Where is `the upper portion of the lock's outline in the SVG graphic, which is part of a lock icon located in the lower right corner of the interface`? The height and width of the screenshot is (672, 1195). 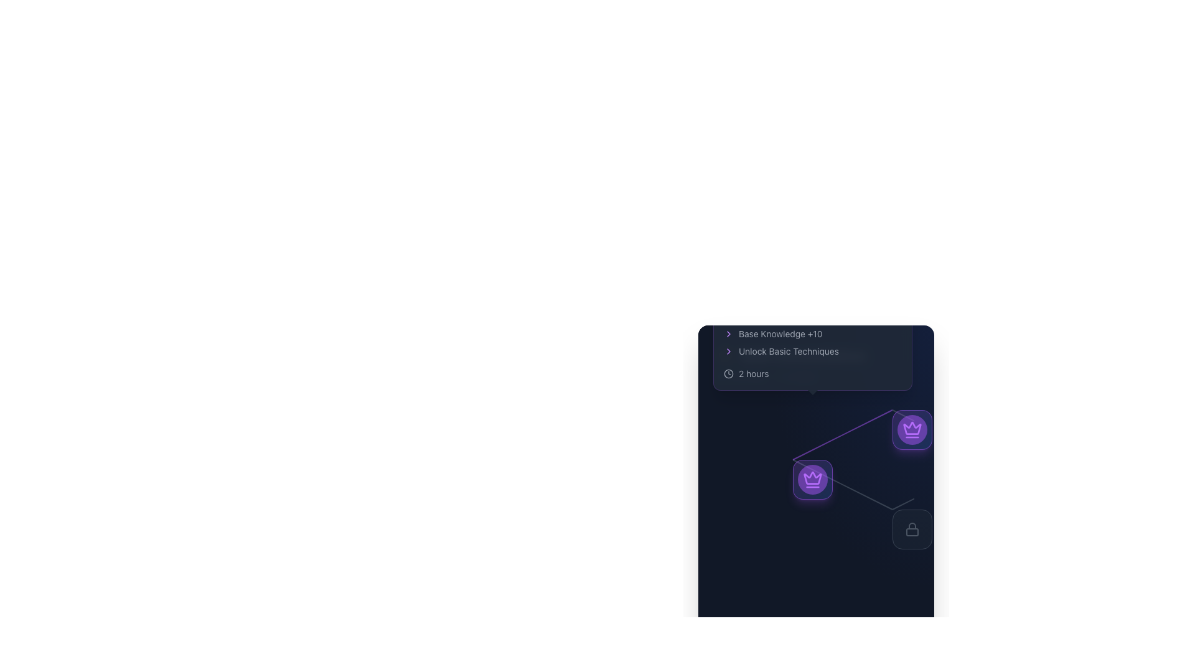 the upper portion of the lock's outline in the SVG graphic, which is part of a lock icon located in the lower right corner of the interface is located at coordinates (912, 526).